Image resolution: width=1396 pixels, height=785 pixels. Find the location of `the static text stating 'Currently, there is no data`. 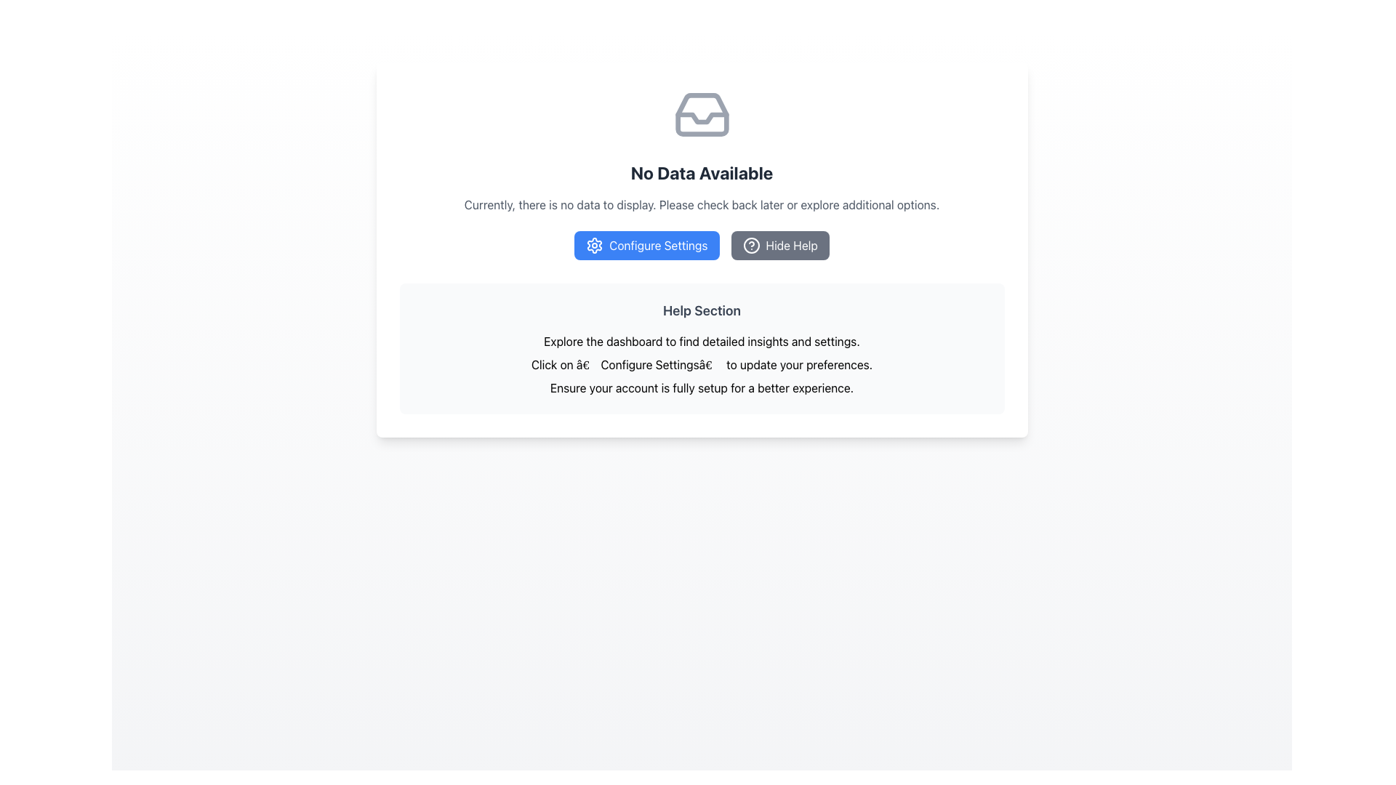

the static text stating 'Currently, there is no data is located at coordinates (702, 204).